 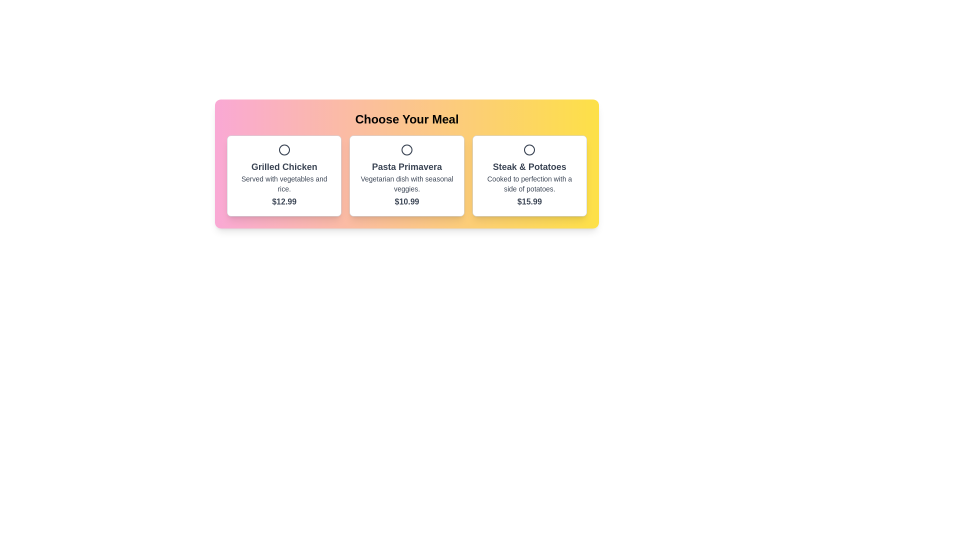 I want to click on the circular Radio Button Indicator (Non-interactive) located at the top center of the 'Steak & Potatoes' card, so click(x=529, y=150).